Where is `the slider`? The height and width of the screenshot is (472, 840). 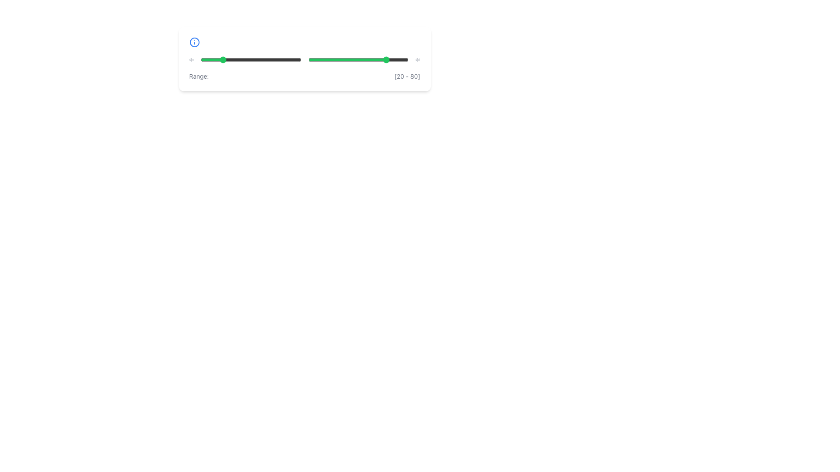 the slider is located at coordinates (279, 59).